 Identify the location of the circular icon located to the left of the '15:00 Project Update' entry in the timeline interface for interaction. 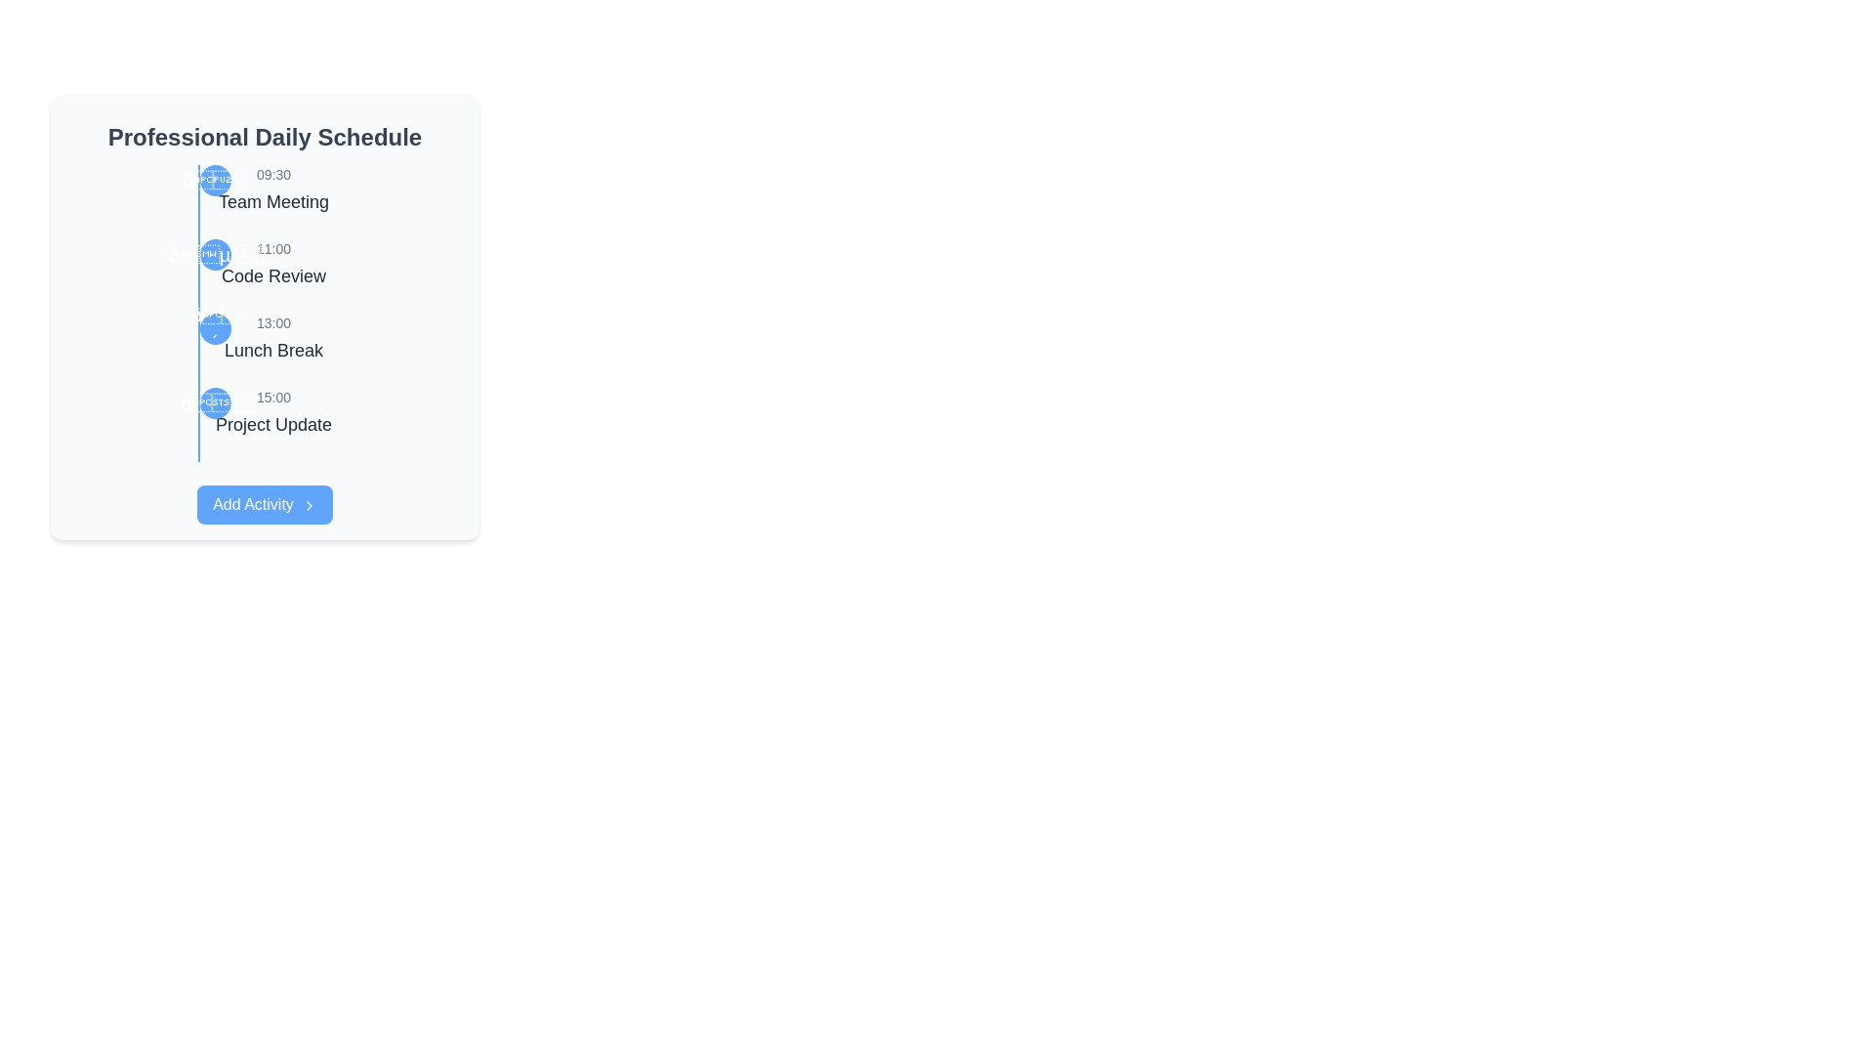
(215, 401).